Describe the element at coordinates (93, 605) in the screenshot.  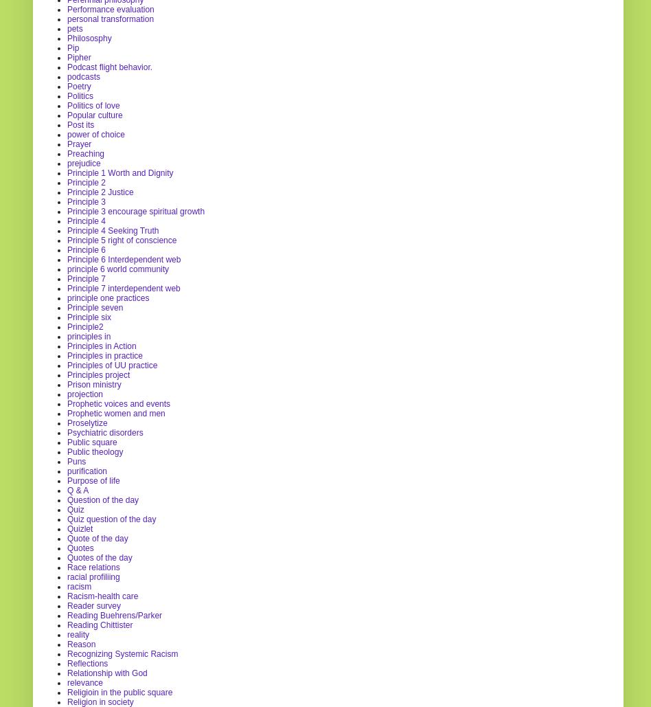
I see `'Reader survey'` at that location.